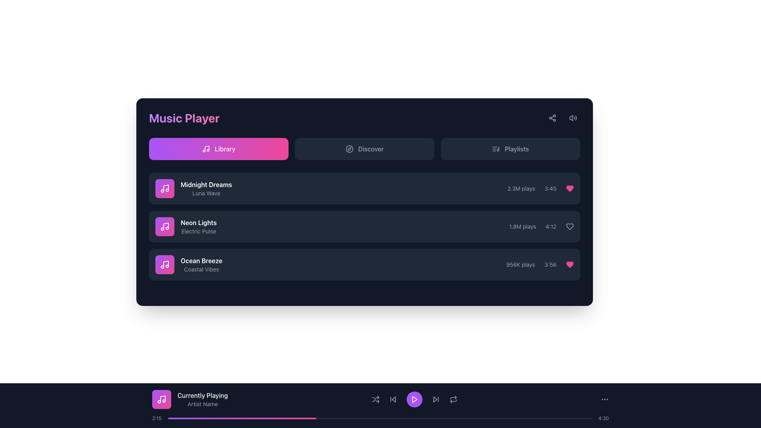 The image size is (761, 428). I want to click on the musical note icon located in the 'Currently Playing' area of the music player interface, so click(163, 399).